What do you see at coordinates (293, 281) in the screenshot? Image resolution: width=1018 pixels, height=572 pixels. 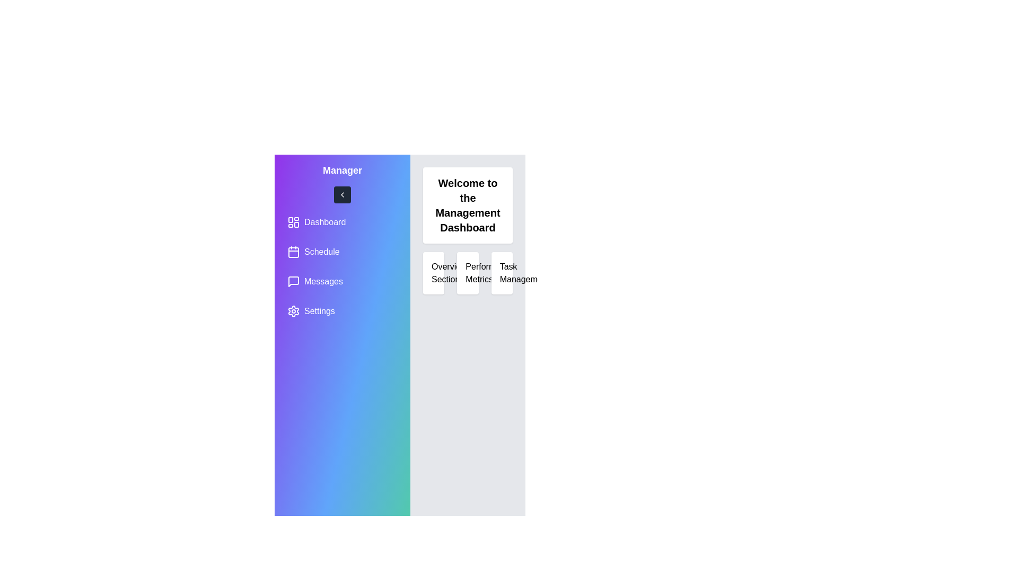 I see `the small purple chat icon located in the left sidebar, positioned next to the 'Messages' label` at bounding box center [293, 281].